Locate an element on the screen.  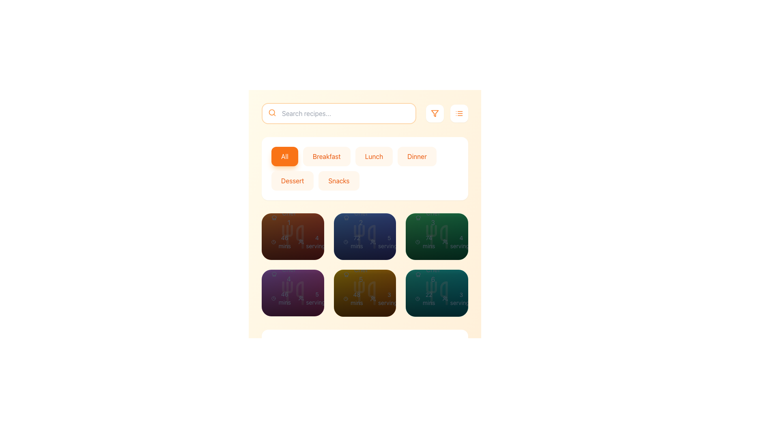
the element labeled 'Chef 2' which is located in the card titled 'Recipe 2 Chef 2' in the bottom section, below the title 'Recipe 2' is located at coordinates (356, 217).